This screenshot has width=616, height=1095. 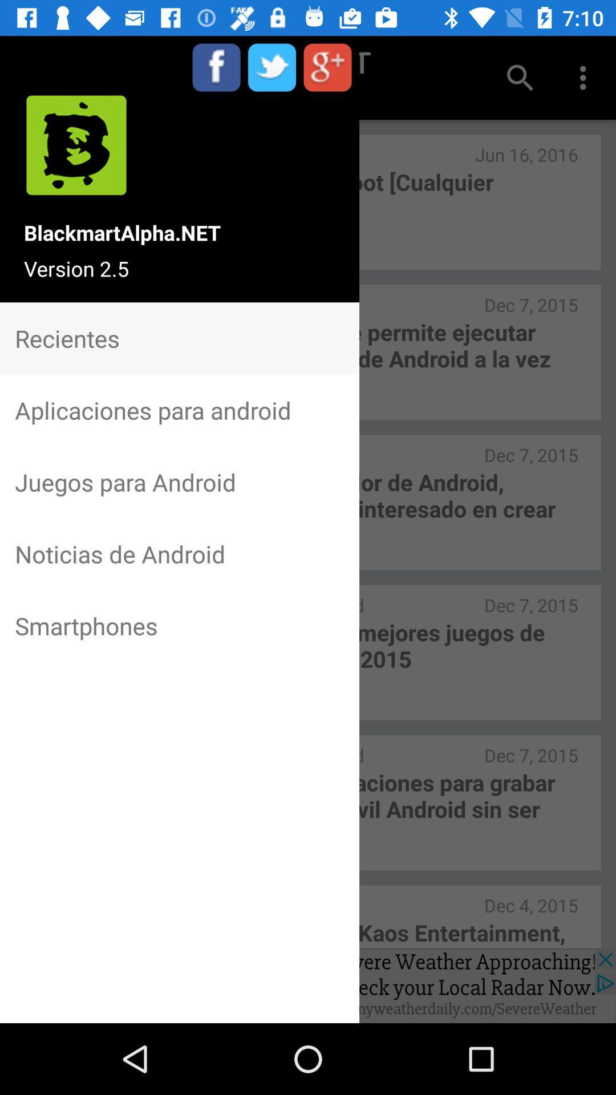 What do you see at coordinates (586, 78) in the screenshot?
I see `the button at the top right corner of the page` at bounding box center [586, 78].